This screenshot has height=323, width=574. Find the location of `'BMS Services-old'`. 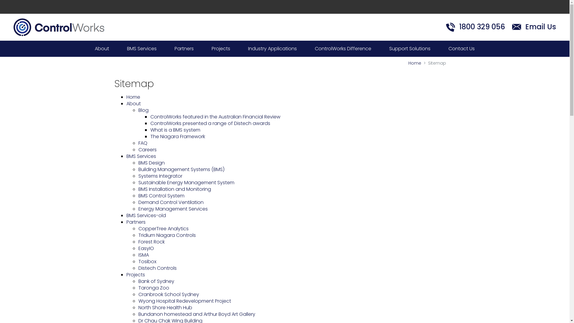

'BMS Services-old' is located at coordinates (146, 215).